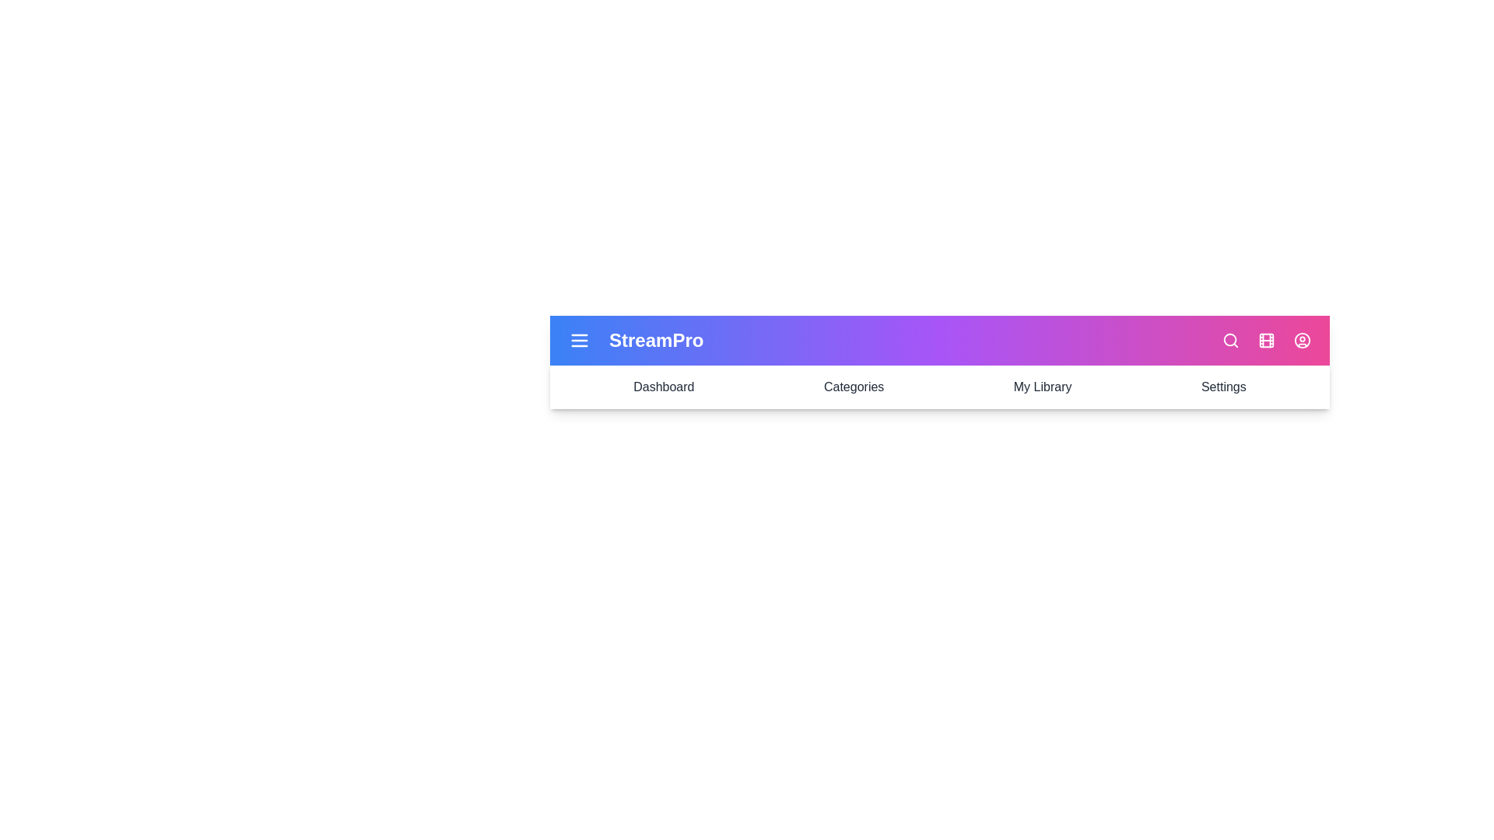 This screenshot has width=1494, height=840. I want to click on the My Library navigation section, so click(1042, 386).